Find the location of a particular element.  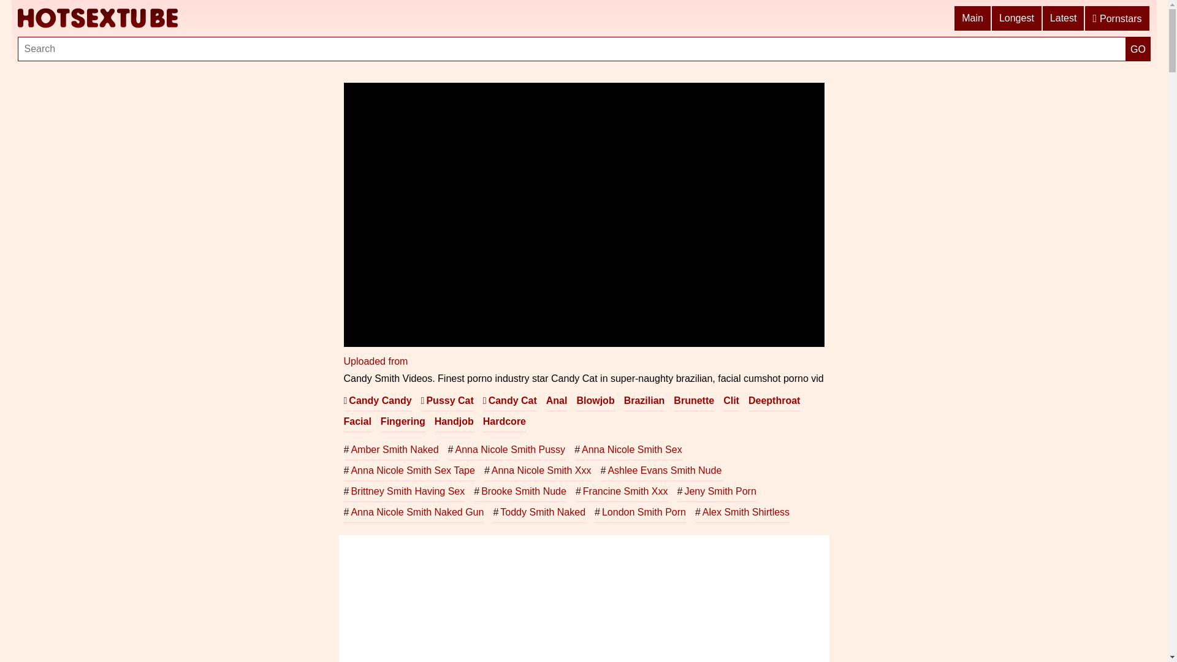

'London Smith Porn' is located at coordinates (594, 512).